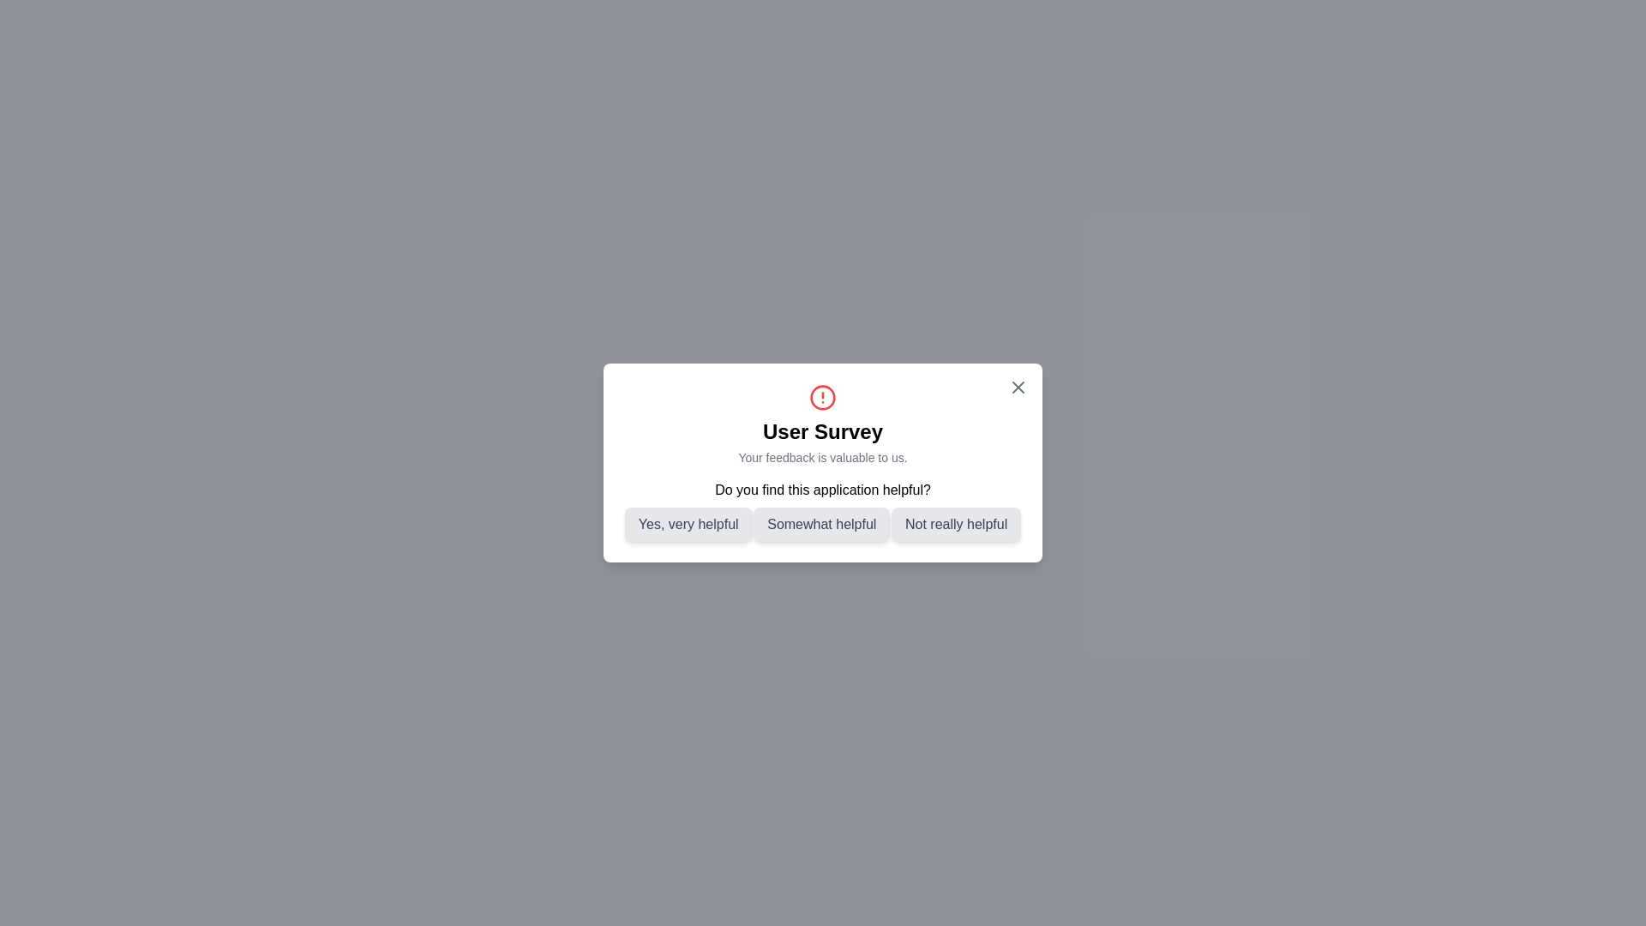 This screenshot has height=926, width=1646. What do you see at coordinates (1018, 387) in the screenshot?
I see `the 'Close' button located at the top-right corner of the dialog box to change its text color` at bounding box center [1018, 387].